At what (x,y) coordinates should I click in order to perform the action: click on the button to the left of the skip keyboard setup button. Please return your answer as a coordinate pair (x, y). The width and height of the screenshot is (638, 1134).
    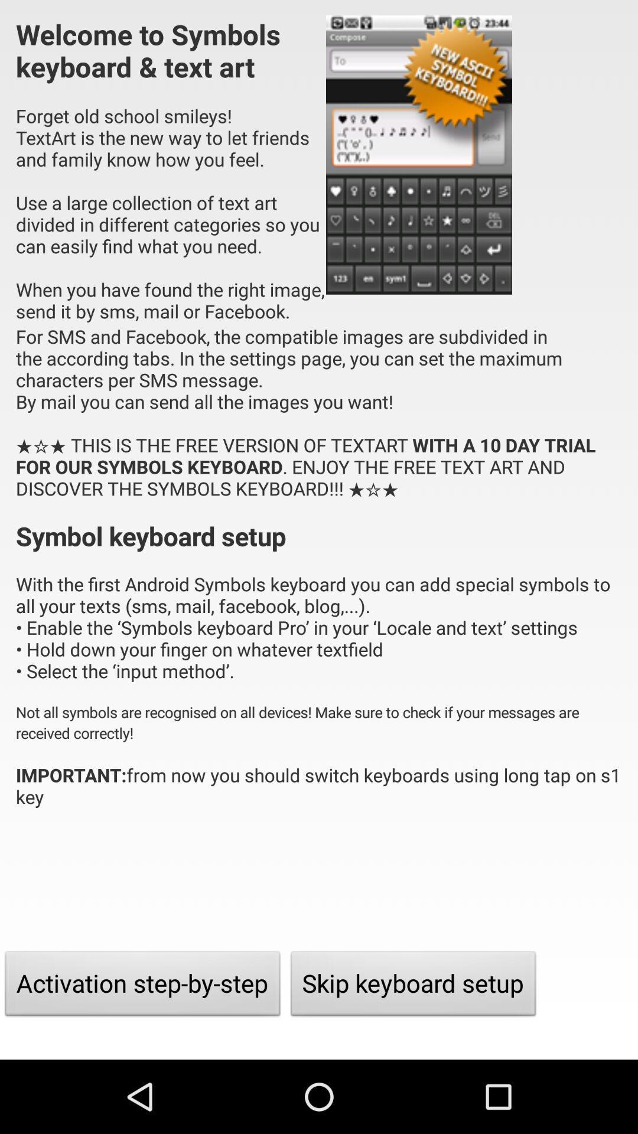
    Looking at the image, I should click on (142, 986).